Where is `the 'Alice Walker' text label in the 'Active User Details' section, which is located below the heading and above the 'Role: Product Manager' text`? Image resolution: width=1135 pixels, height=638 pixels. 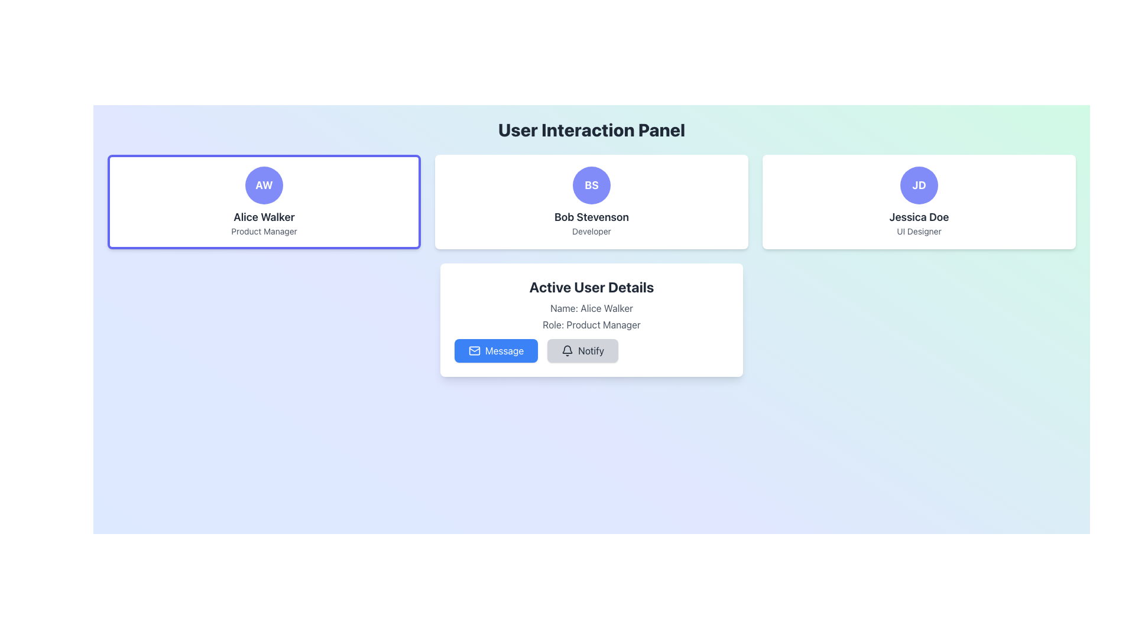 the 'Alice Walker' text label in the 'Active User Details' section, which is located below the heading and above the 'Role: Product Manager' text is located at coordinates (592, 307).